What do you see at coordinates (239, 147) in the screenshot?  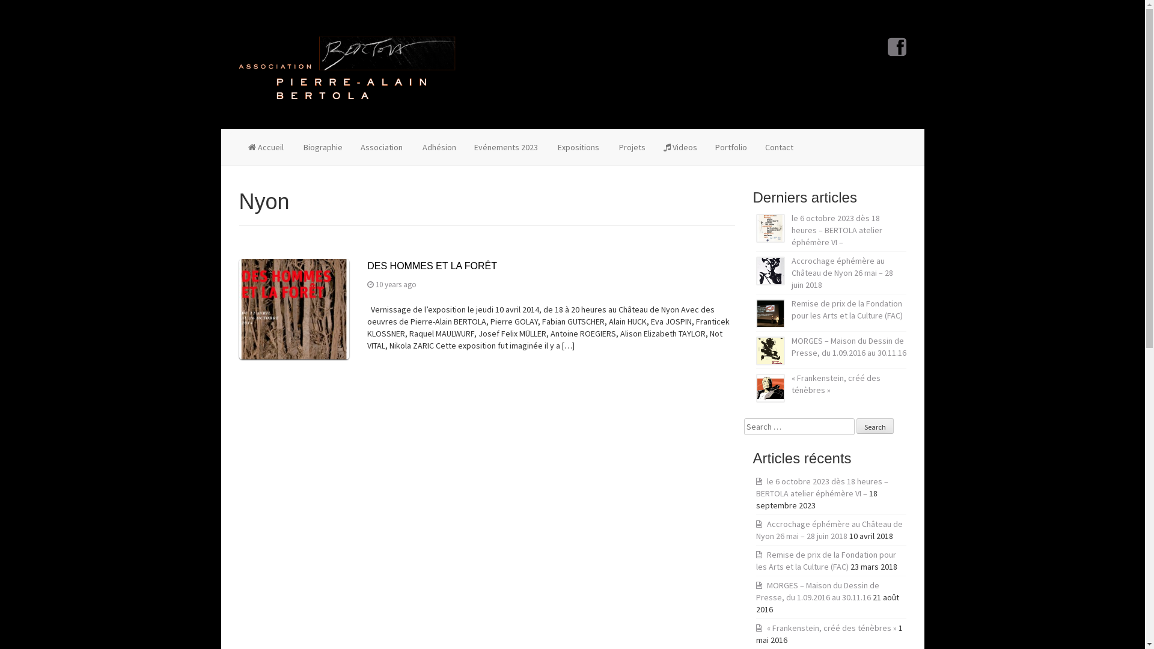 I see `' Accueil'` at bounding box center [239, 147].